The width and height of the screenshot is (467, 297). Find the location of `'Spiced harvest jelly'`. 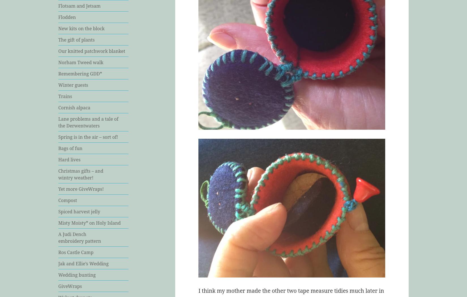

'Spiced harvest jelly' is located at coordinates (79, 211).